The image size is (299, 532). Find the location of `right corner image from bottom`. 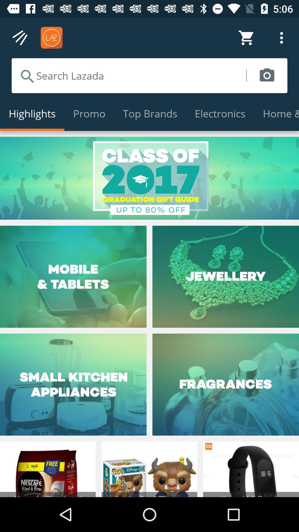

right corner image from bottom is located at coordinates (251, 469).